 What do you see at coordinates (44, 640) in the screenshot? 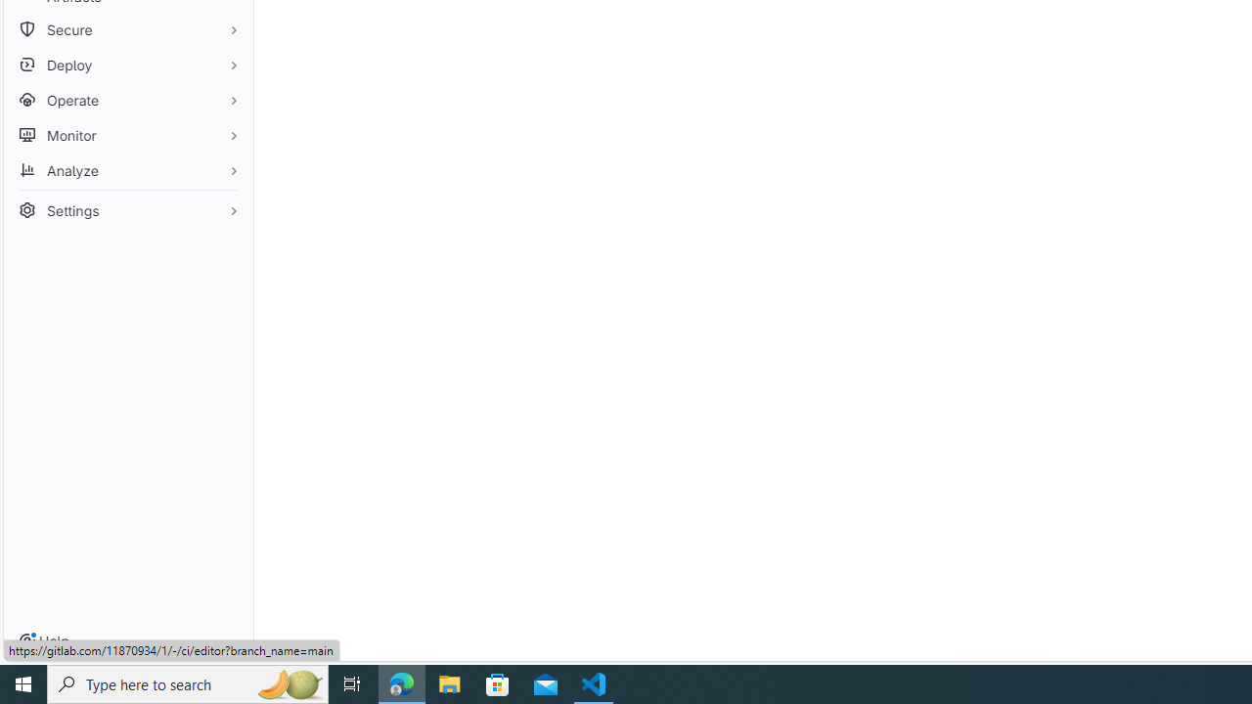
I see `'Help'` at bounding box center [44, 640].